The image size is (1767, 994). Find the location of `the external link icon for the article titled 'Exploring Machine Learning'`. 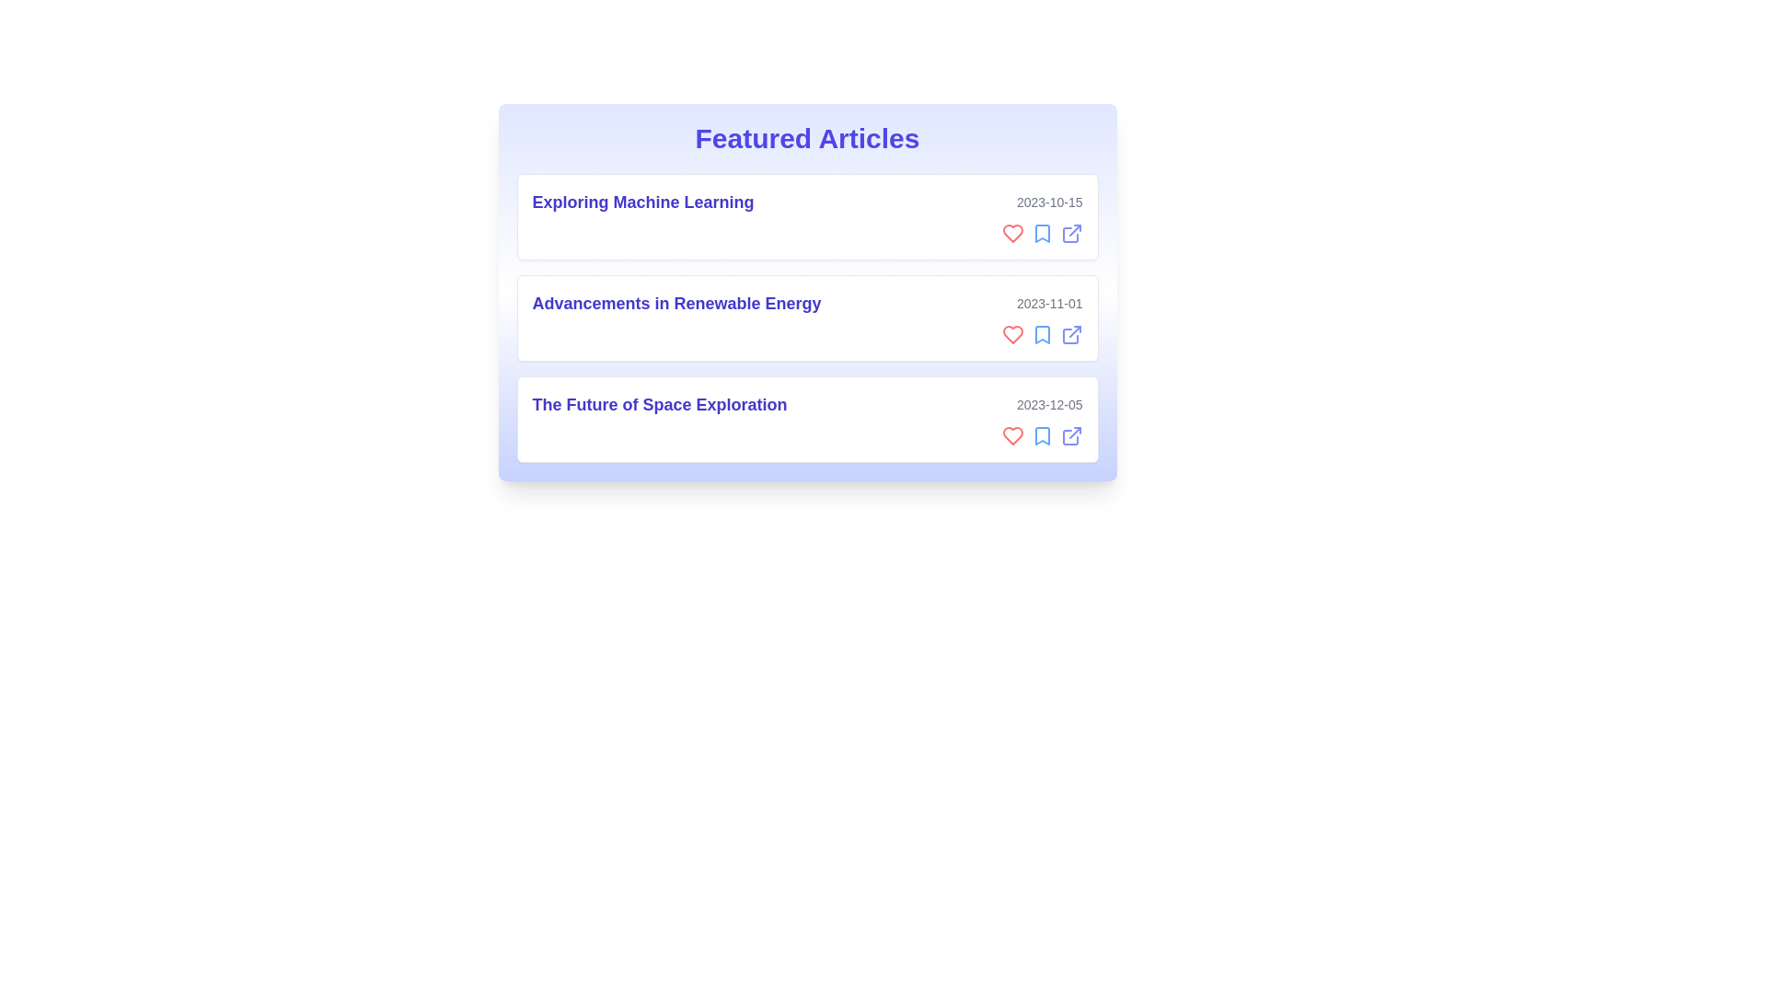

the external link icon for the article titled 'Exploring Machine Learning' is located at coordinates (1071, 233).